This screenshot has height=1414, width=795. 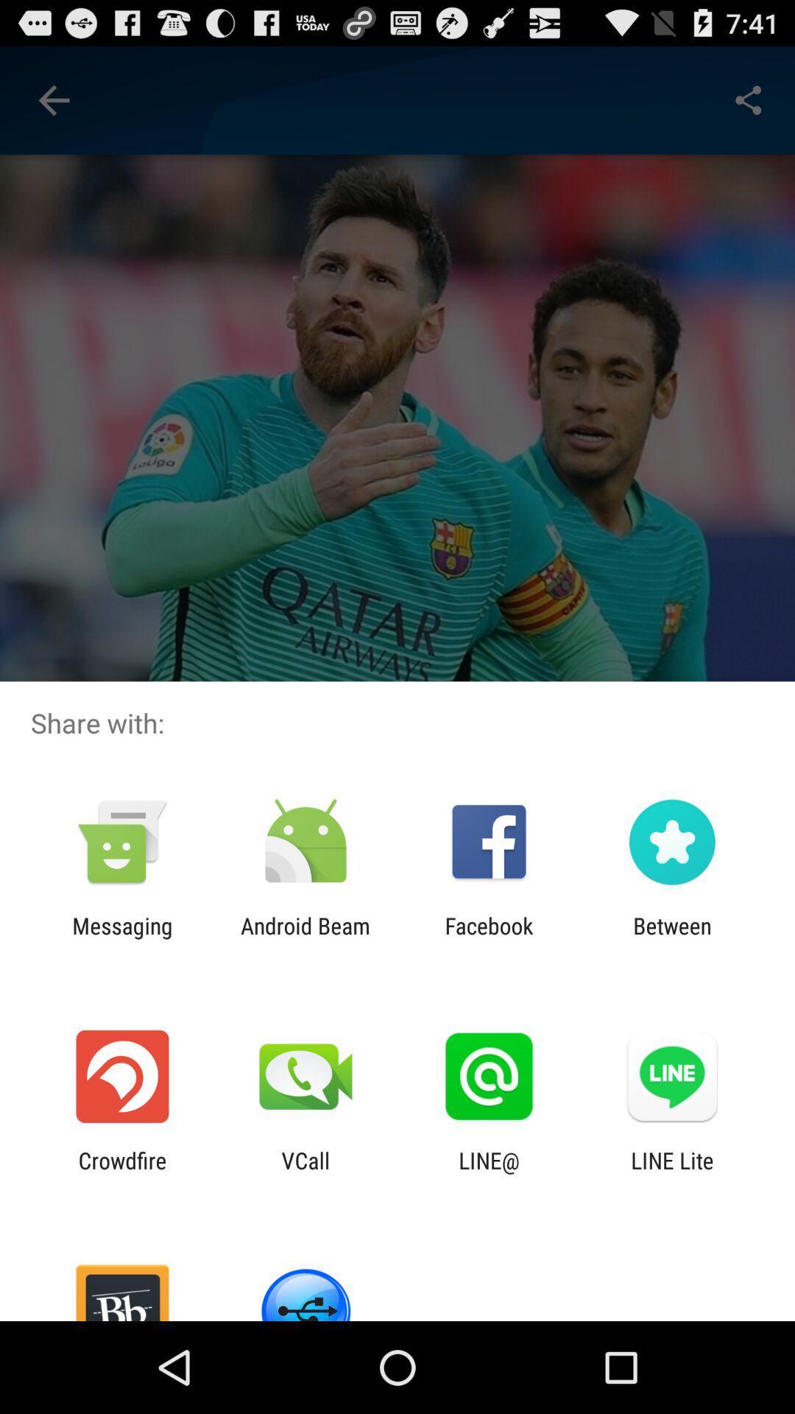 What do you see at coordinates (305, 1172) in the screenshot?
I see `app next to the line@` at bounding box center [305, 1172].